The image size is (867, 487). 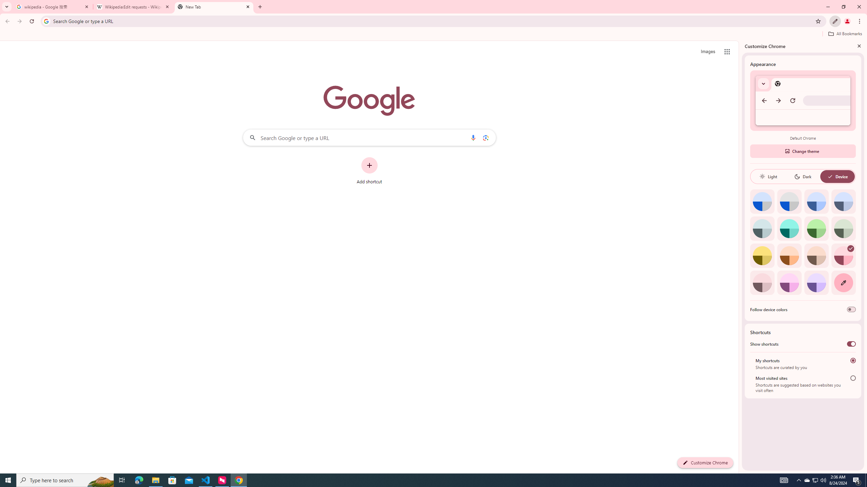 What do you see at coordinates (369, 171) in the screenshot?
I see `'Add shortcut'` at bounding box center [369, 171].